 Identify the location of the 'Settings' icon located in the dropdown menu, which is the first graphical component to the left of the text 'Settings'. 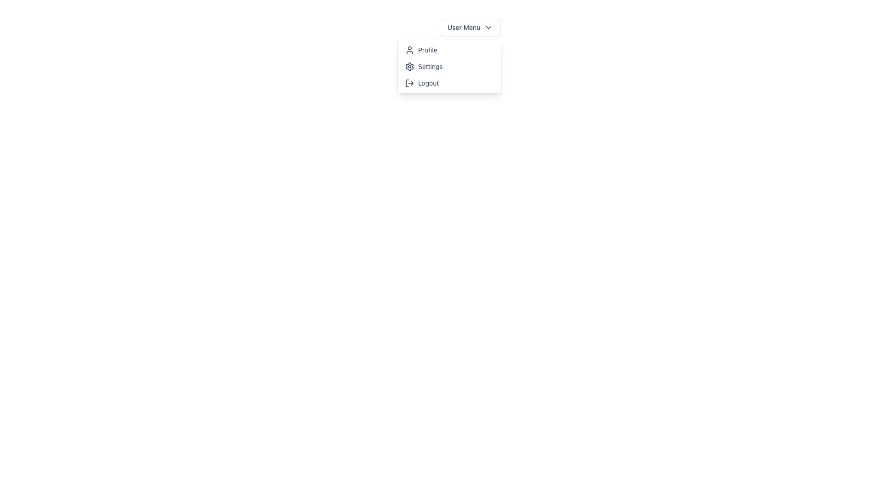
(409, 66).